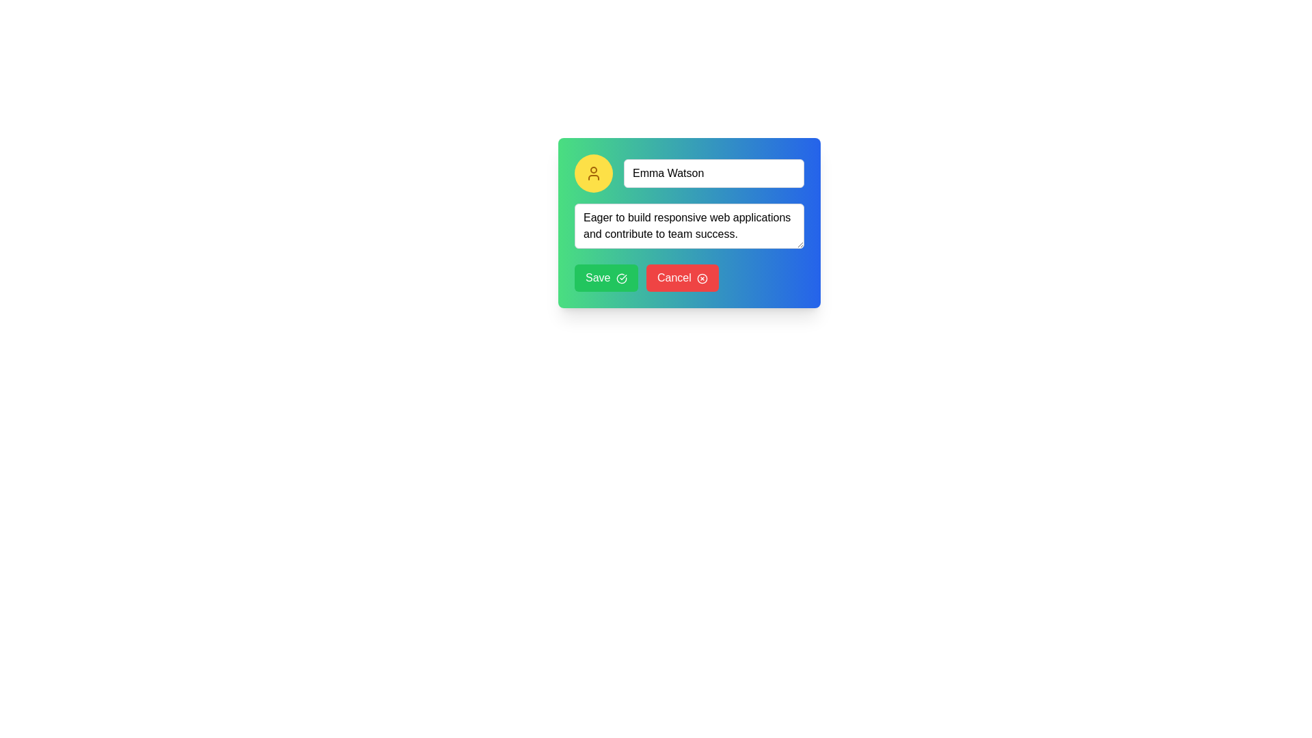  What do you see at coordinates (689, 222) in the screenshot?
I see `the central text input field (textarea) used for multi-line text input, positioned beneath the 'Emma Watson' input box and above the 'Save' and 'Cancel' buttons` at bounding box center [689, 222].